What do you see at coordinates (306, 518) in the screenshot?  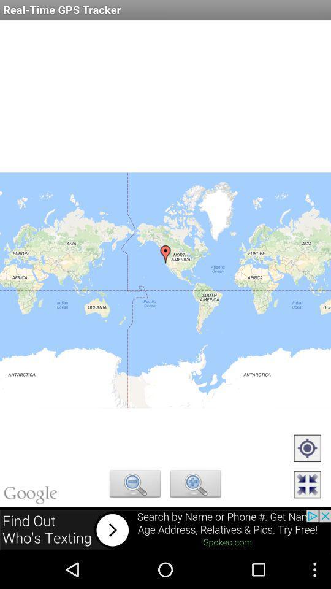 I see `the fullscreen icon` at bounding box center [306, 518].